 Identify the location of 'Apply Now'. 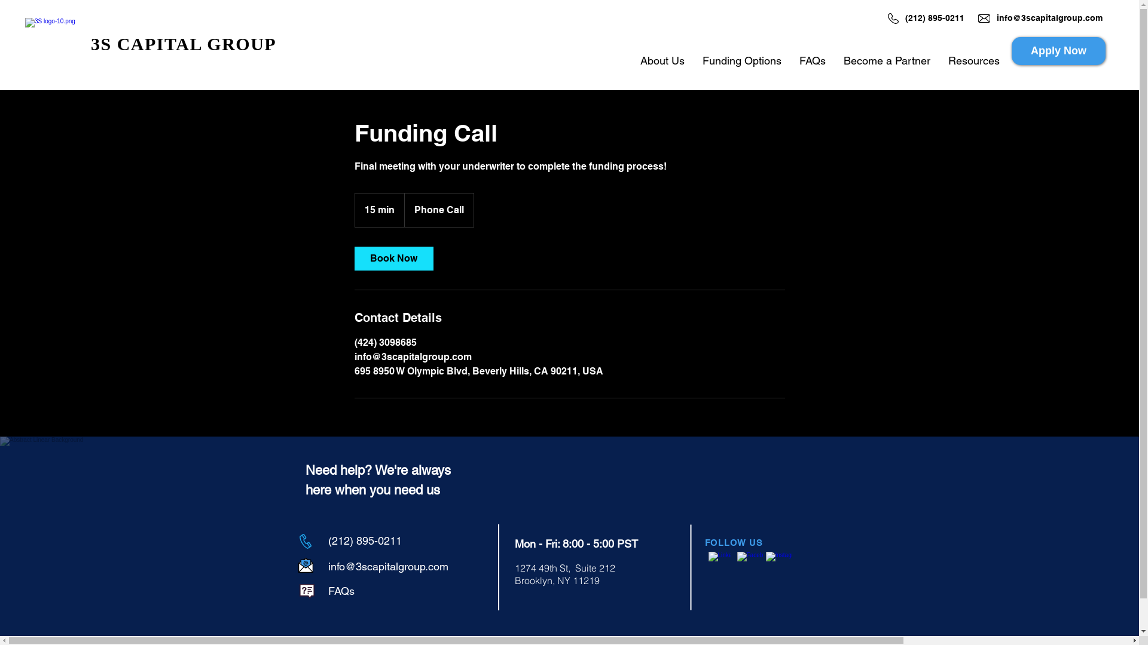
(1058, 50).